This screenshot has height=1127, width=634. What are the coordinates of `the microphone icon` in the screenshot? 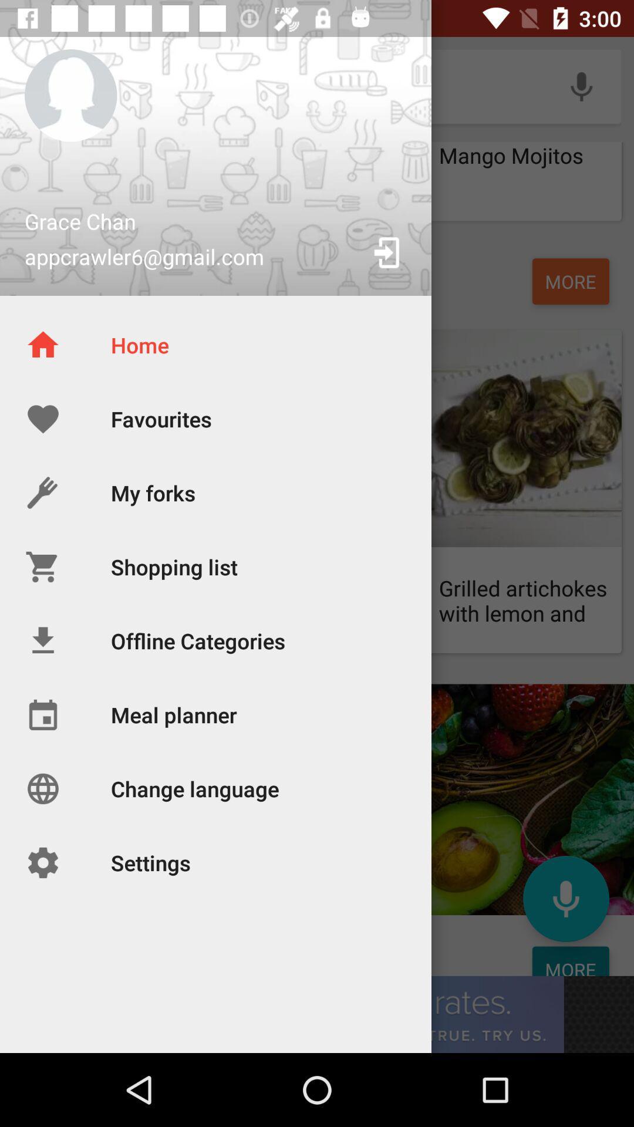 It's located at (565, 898).